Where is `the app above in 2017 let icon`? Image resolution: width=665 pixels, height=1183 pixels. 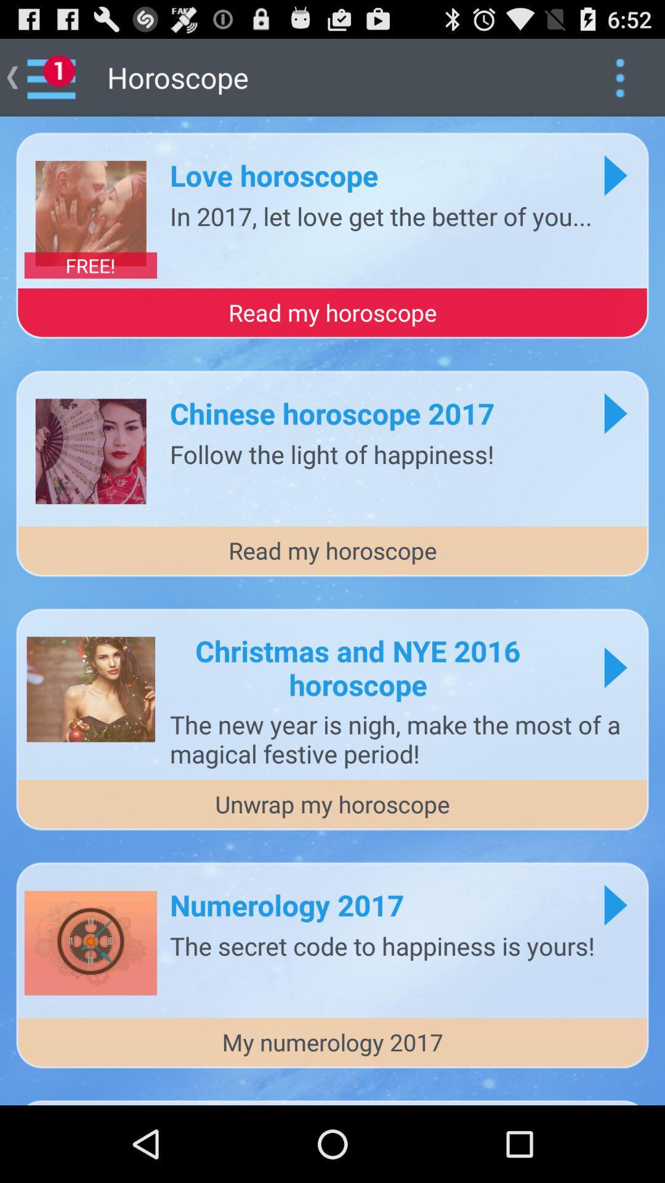 the app above in 2017 let icon is located at coordinates (273, 174).